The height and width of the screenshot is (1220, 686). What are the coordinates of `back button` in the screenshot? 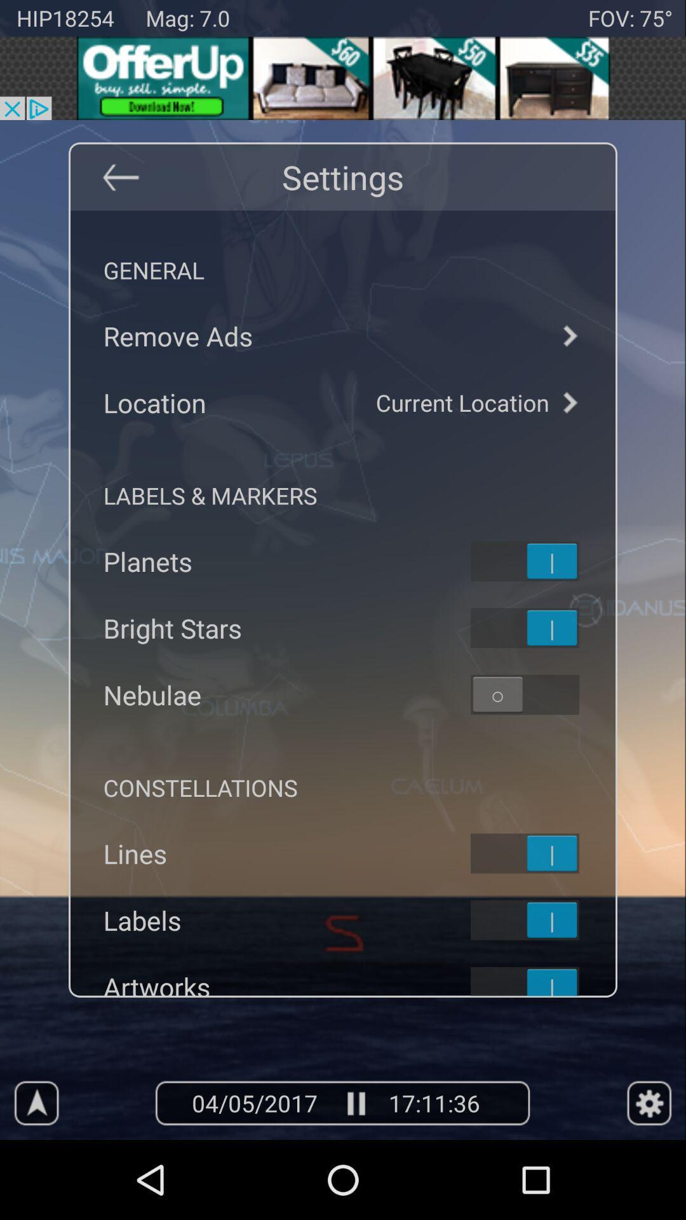 It's located at (120, 176).